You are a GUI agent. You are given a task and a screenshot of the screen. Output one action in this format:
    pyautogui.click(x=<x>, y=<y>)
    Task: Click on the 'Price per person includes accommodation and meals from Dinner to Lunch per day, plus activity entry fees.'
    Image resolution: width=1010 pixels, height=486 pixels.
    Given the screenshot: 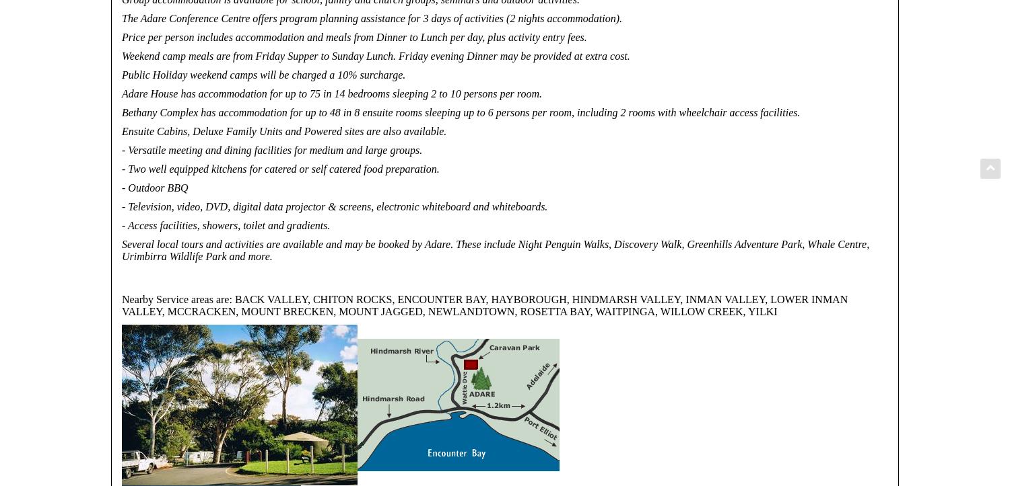 What is the action you would take?
    pyautogui.click(x=354, y=37)
    